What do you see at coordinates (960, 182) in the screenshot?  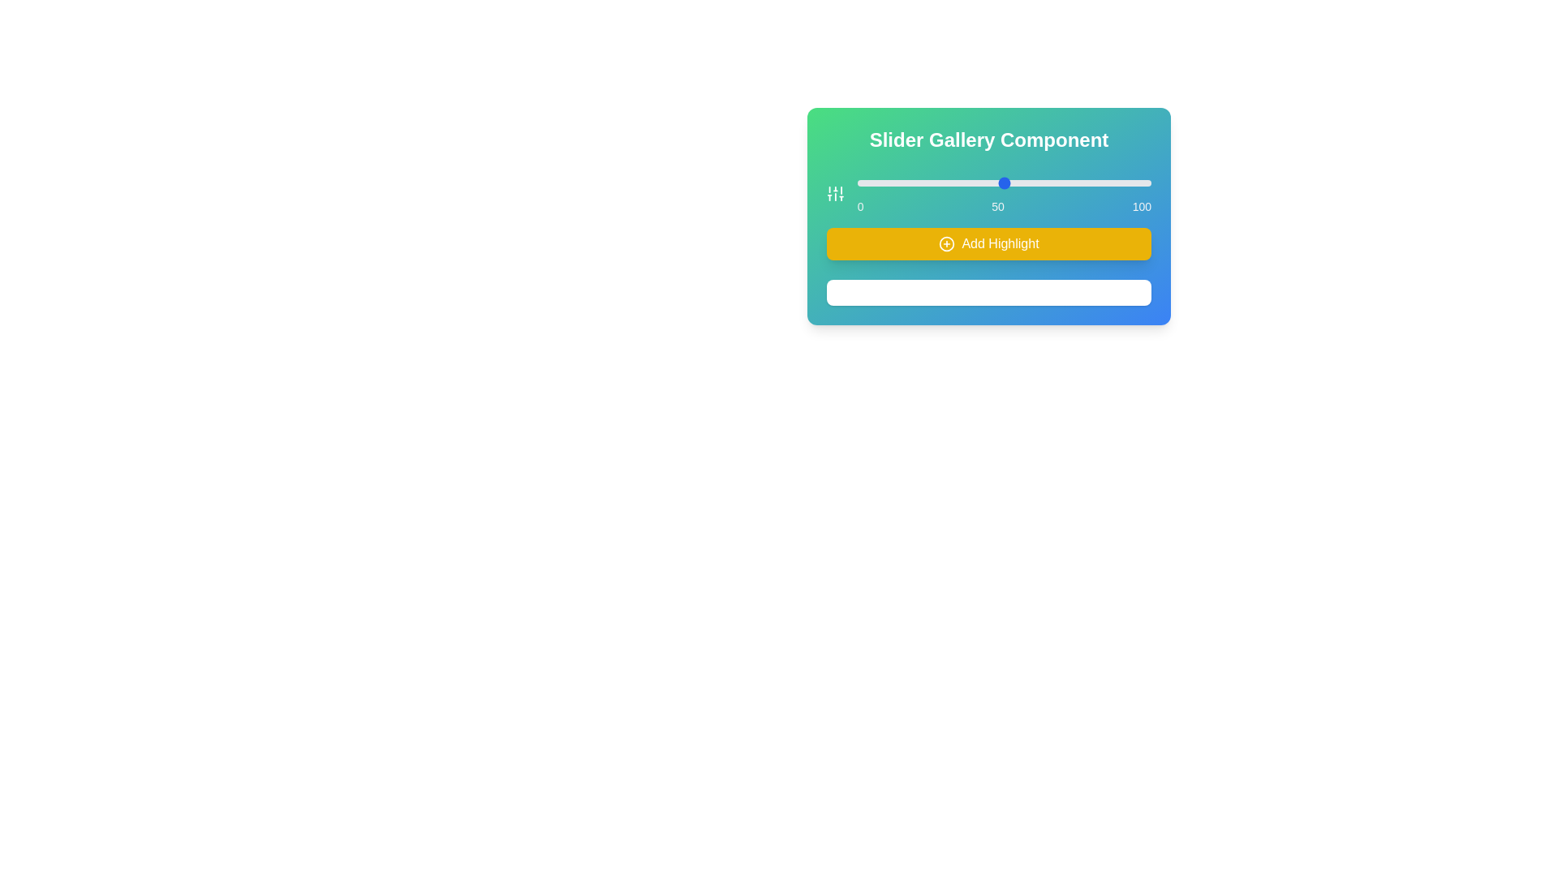 I see `the slider value` at bounding box center [960, 182].